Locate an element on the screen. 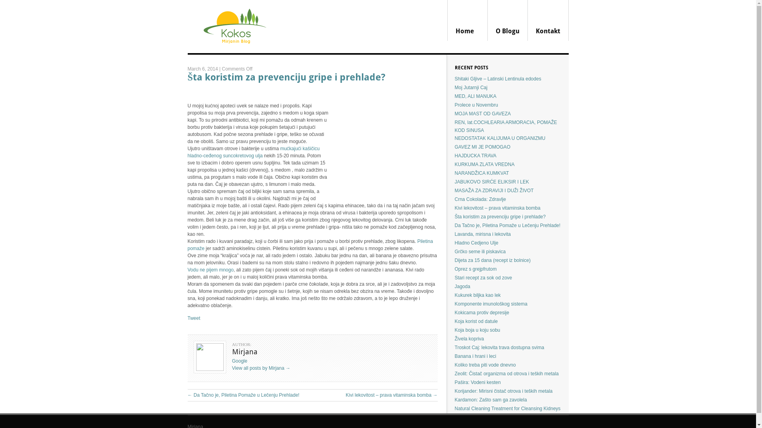 The image size is (762, 428). 'Lavanda, mirisna i lekovita' is located at coordinates (482, 233).